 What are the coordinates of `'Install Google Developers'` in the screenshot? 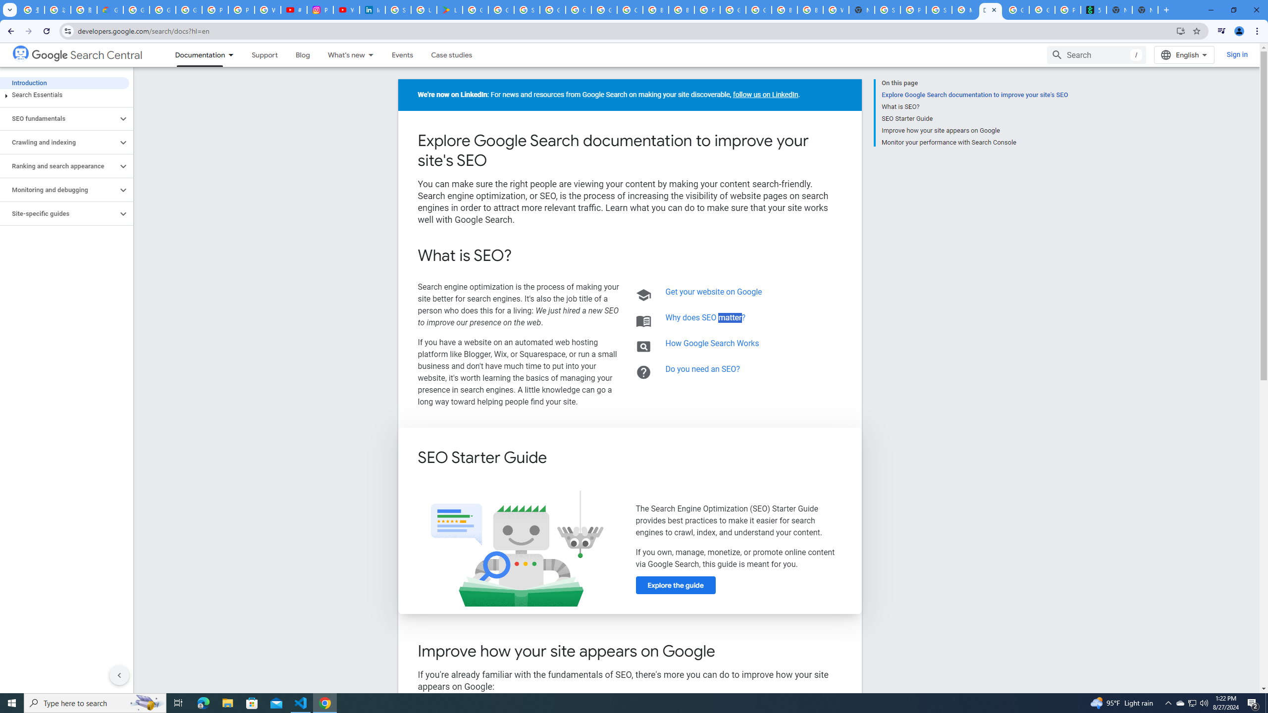 It's located at (1181, 30).